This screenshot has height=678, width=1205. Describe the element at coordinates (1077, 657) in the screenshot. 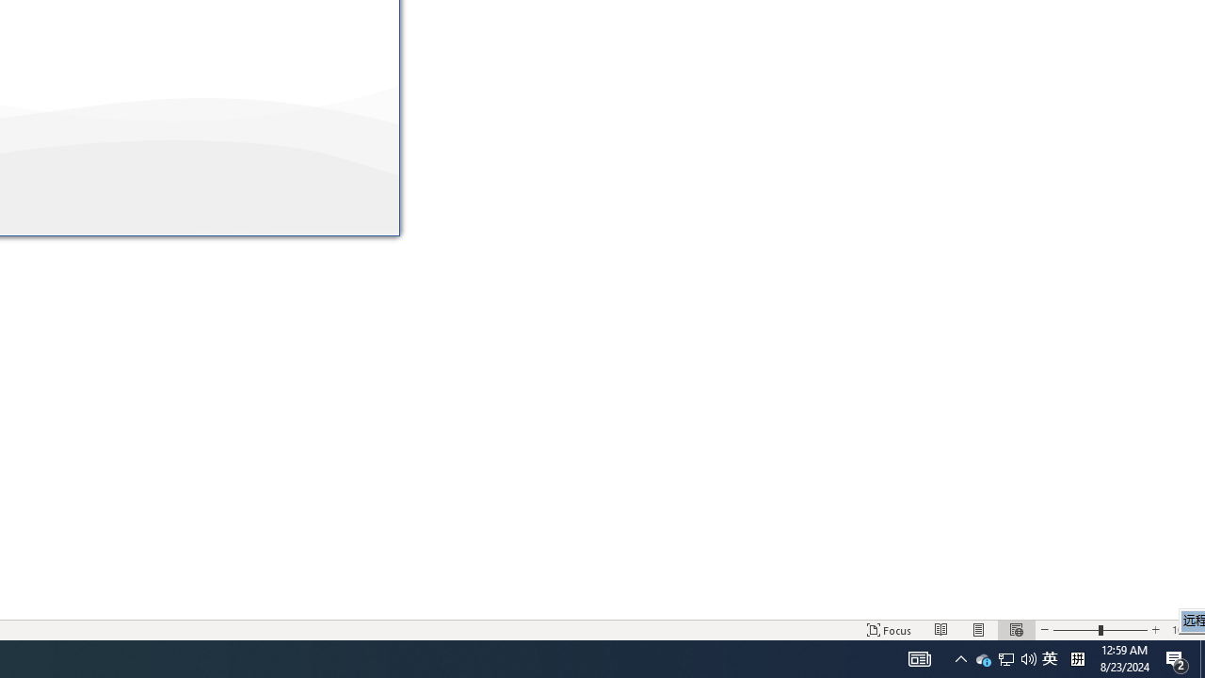

I see `'Tray Input Indicator - Chinese (Simplified, China)'` at that location.